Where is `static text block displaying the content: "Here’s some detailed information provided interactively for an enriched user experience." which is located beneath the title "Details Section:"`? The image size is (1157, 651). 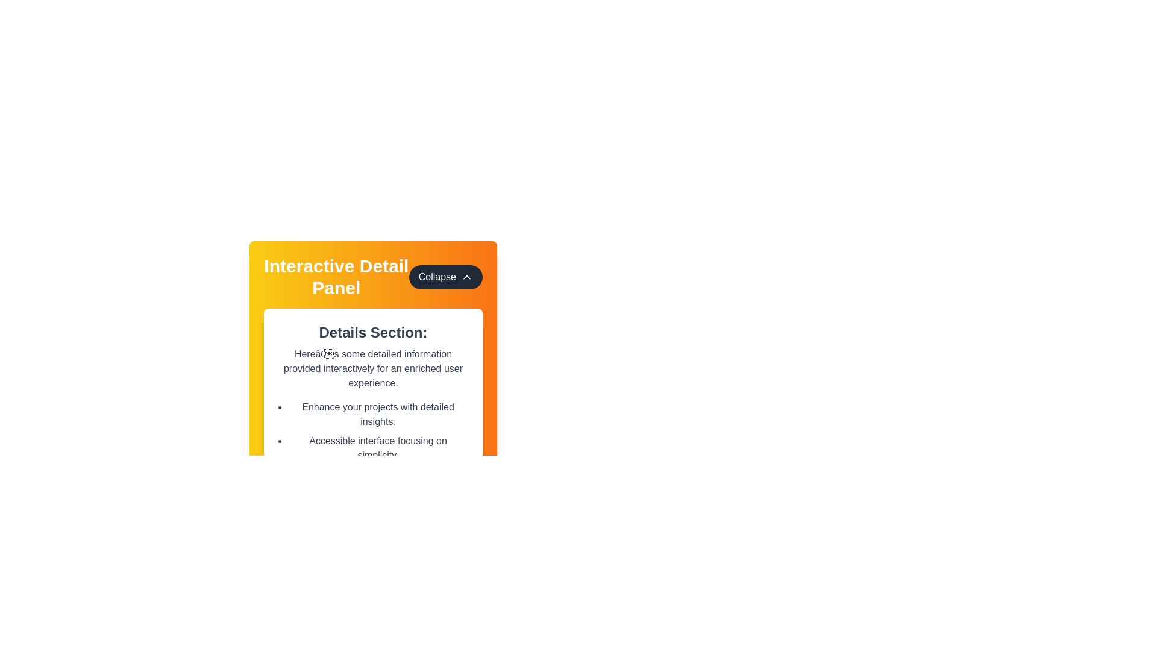
static text block displaying the content: "Here’s some detailed information provided interactively for an enriched user experience." which is located beneath the title "Details Section:" is located at coordinates (372, 368).